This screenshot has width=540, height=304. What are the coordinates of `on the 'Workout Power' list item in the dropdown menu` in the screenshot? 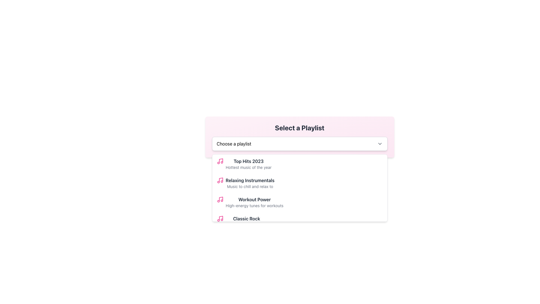 It's located at (299, 202).